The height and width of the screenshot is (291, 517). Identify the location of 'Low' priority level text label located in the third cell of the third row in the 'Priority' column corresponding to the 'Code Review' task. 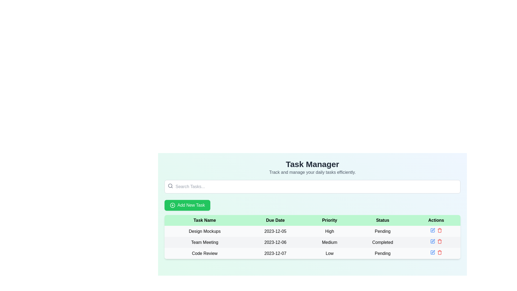
(329, 253).